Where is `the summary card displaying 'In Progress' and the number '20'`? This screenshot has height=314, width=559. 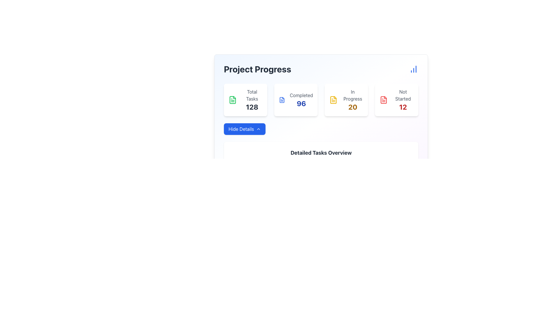
the summary card displaying 'In Progress' and the number '20' is located at coordinates (352, 99).